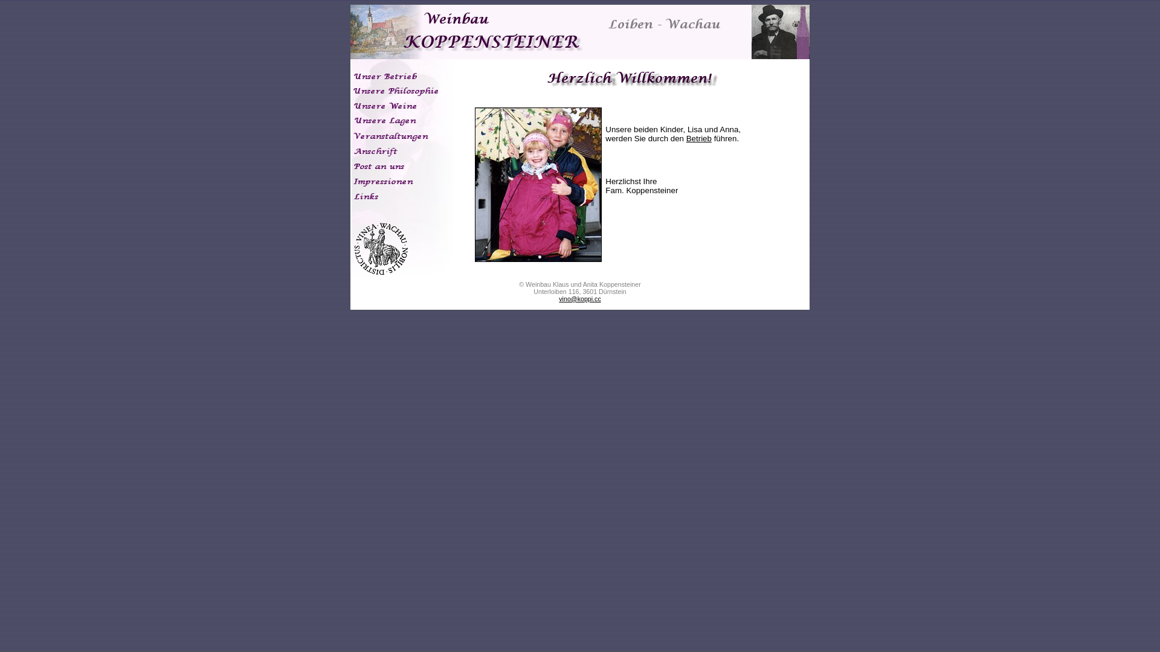 The width and height of the screenshot is (1160, 652). Describe the element at coordinates (579, 298) in the screenshot. I see `'vino@koppi.cc'` at that location.